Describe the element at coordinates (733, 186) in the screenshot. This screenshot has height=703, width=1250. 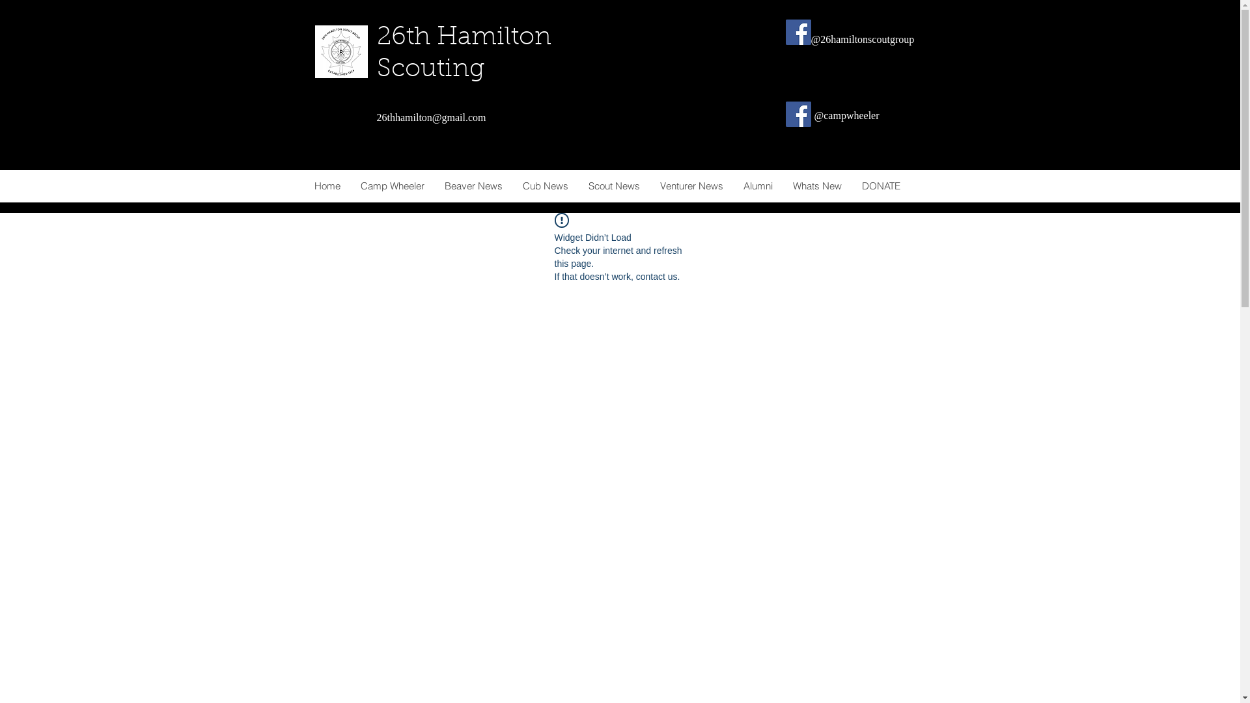
I see `'Alumni'` at that location.